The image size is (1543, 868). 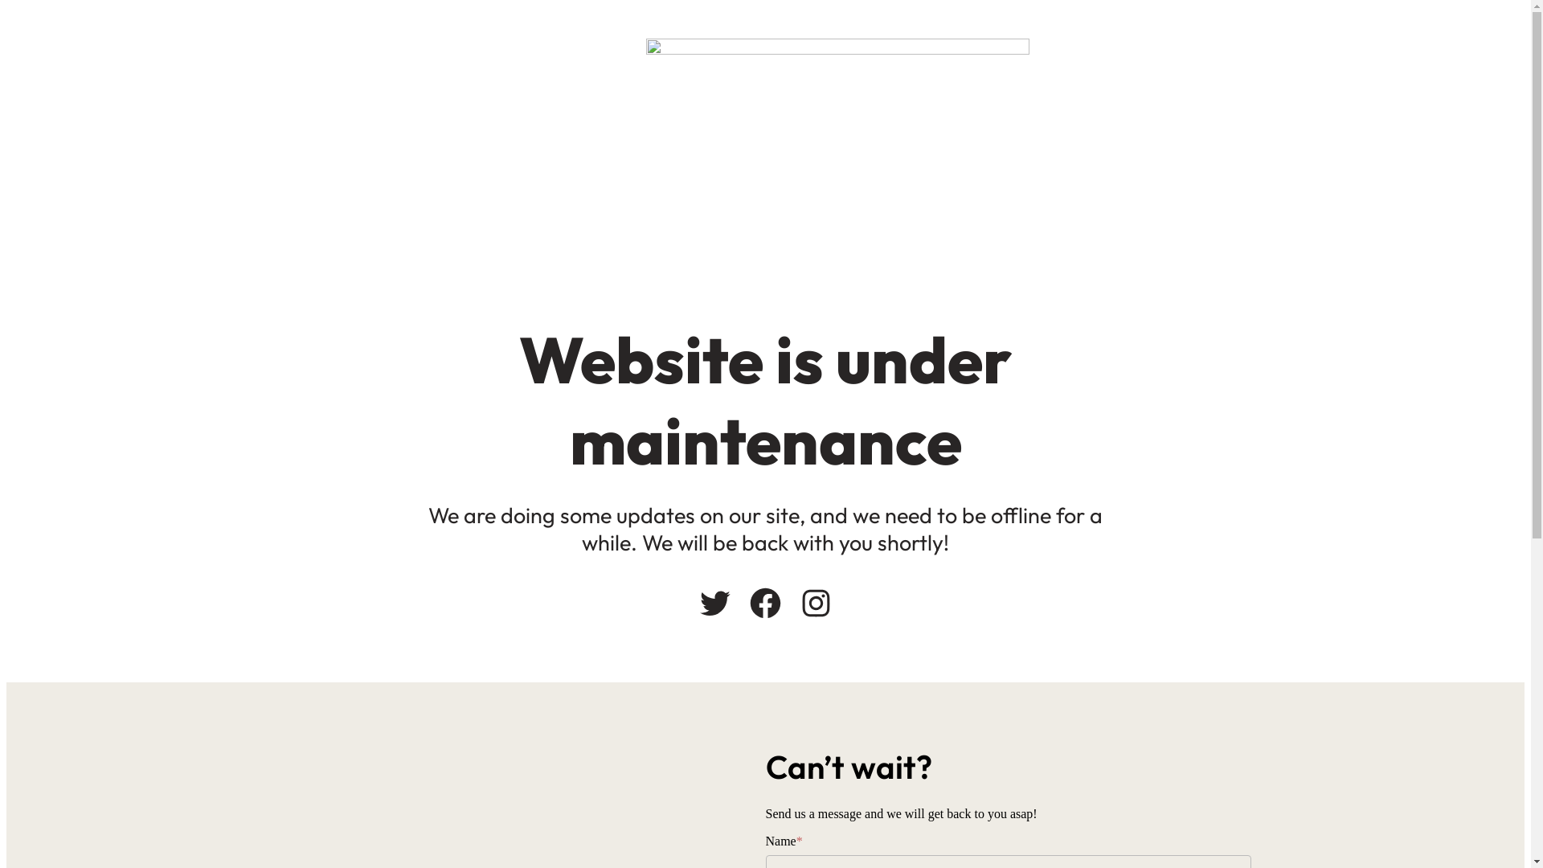 I want to click on 'Facebook', so click(x=764, y=603).